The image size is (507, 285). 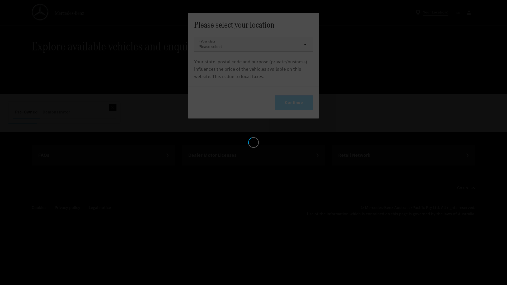 What do you see at coordinates (67, 207) in the screenshot?
I see `'Privacy policy'` at bounding box center [67, 207].